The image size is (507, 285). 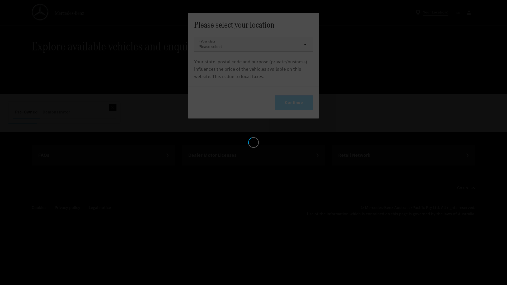 What do you see at coordinates (67, 207) in the screenshot?
I see `'Privacy policy'` at bounding box center [67, 207].